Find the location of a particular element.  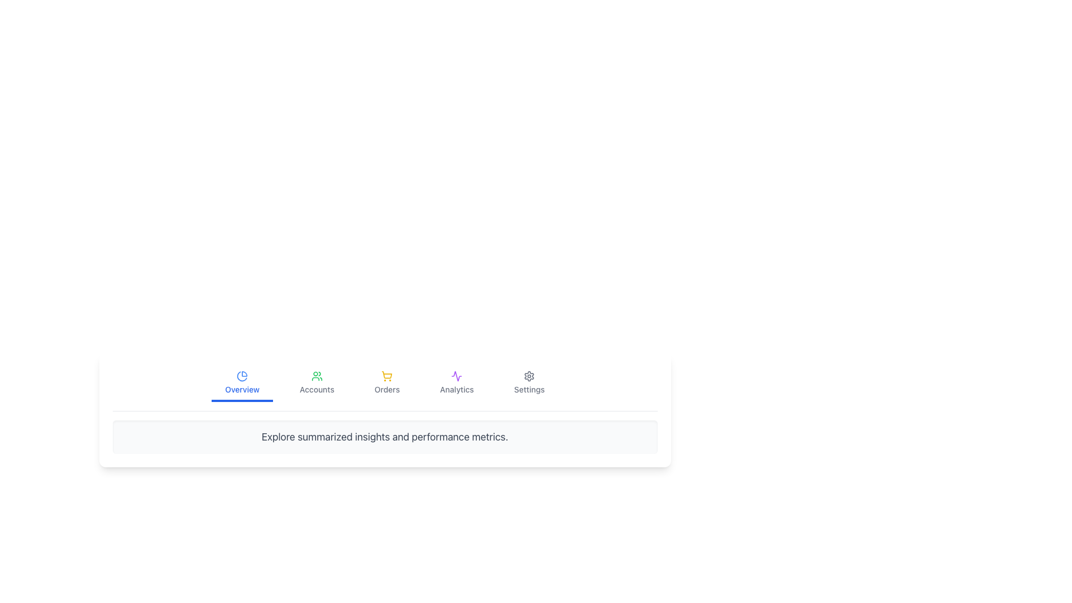

the text label that reads 'Explore summarized insights and performance metrics.' which is styled in a medium-large gray font and is centered below the navigation bar is located at coordinates (385, 437).